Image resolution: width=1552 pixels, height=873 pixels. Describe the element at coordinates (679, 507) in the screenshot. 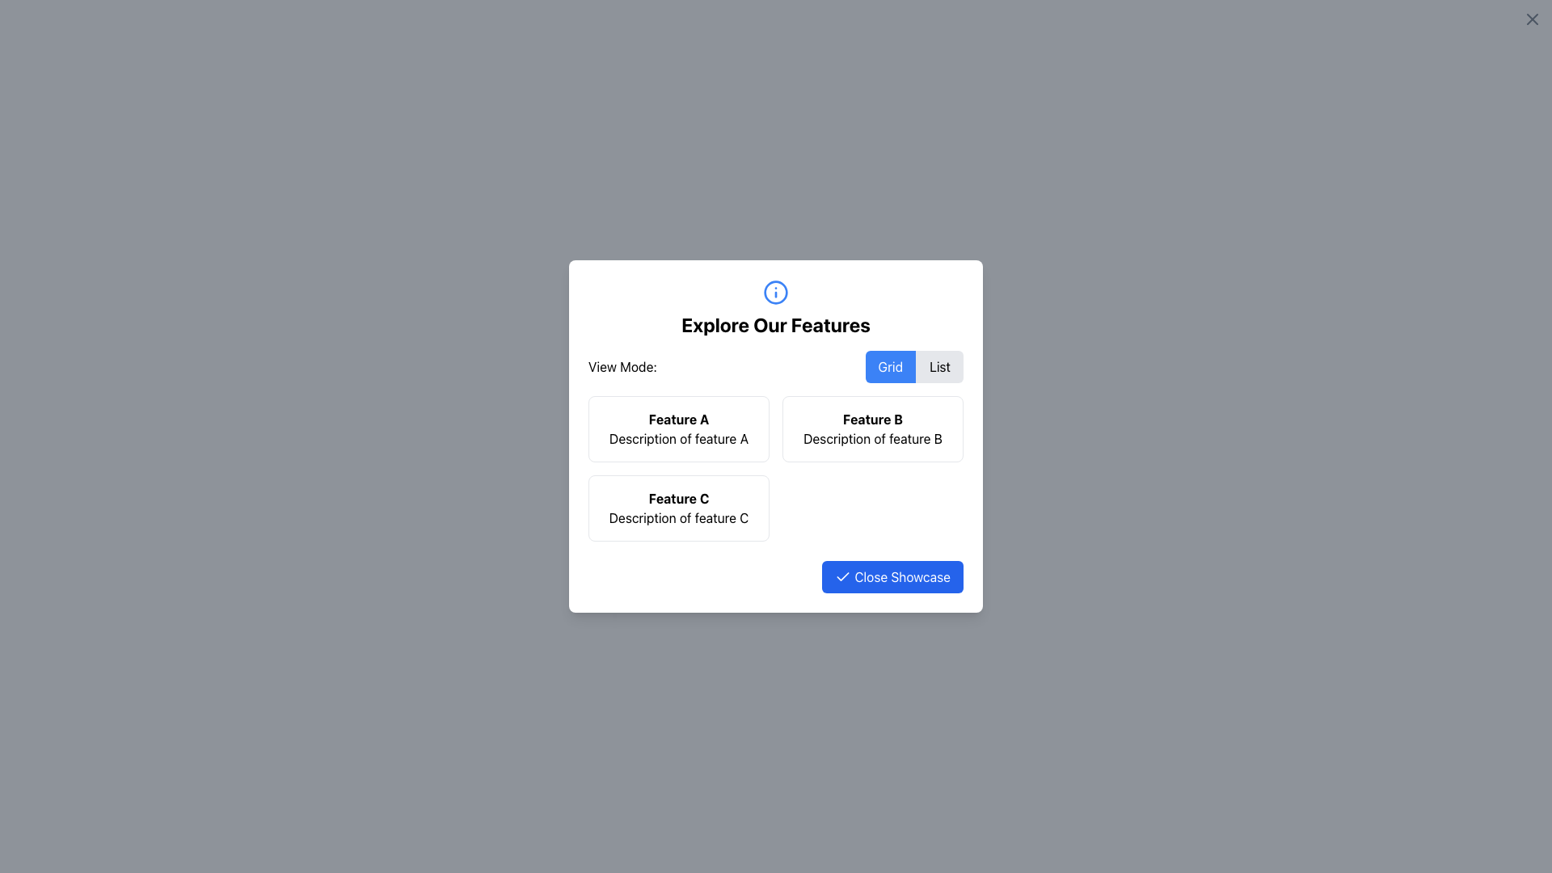

I see `the Information card with bold text 'Feature C' and a description 'Description of feature C', located in the lower-left corner of the two-column grid structure` at that location.